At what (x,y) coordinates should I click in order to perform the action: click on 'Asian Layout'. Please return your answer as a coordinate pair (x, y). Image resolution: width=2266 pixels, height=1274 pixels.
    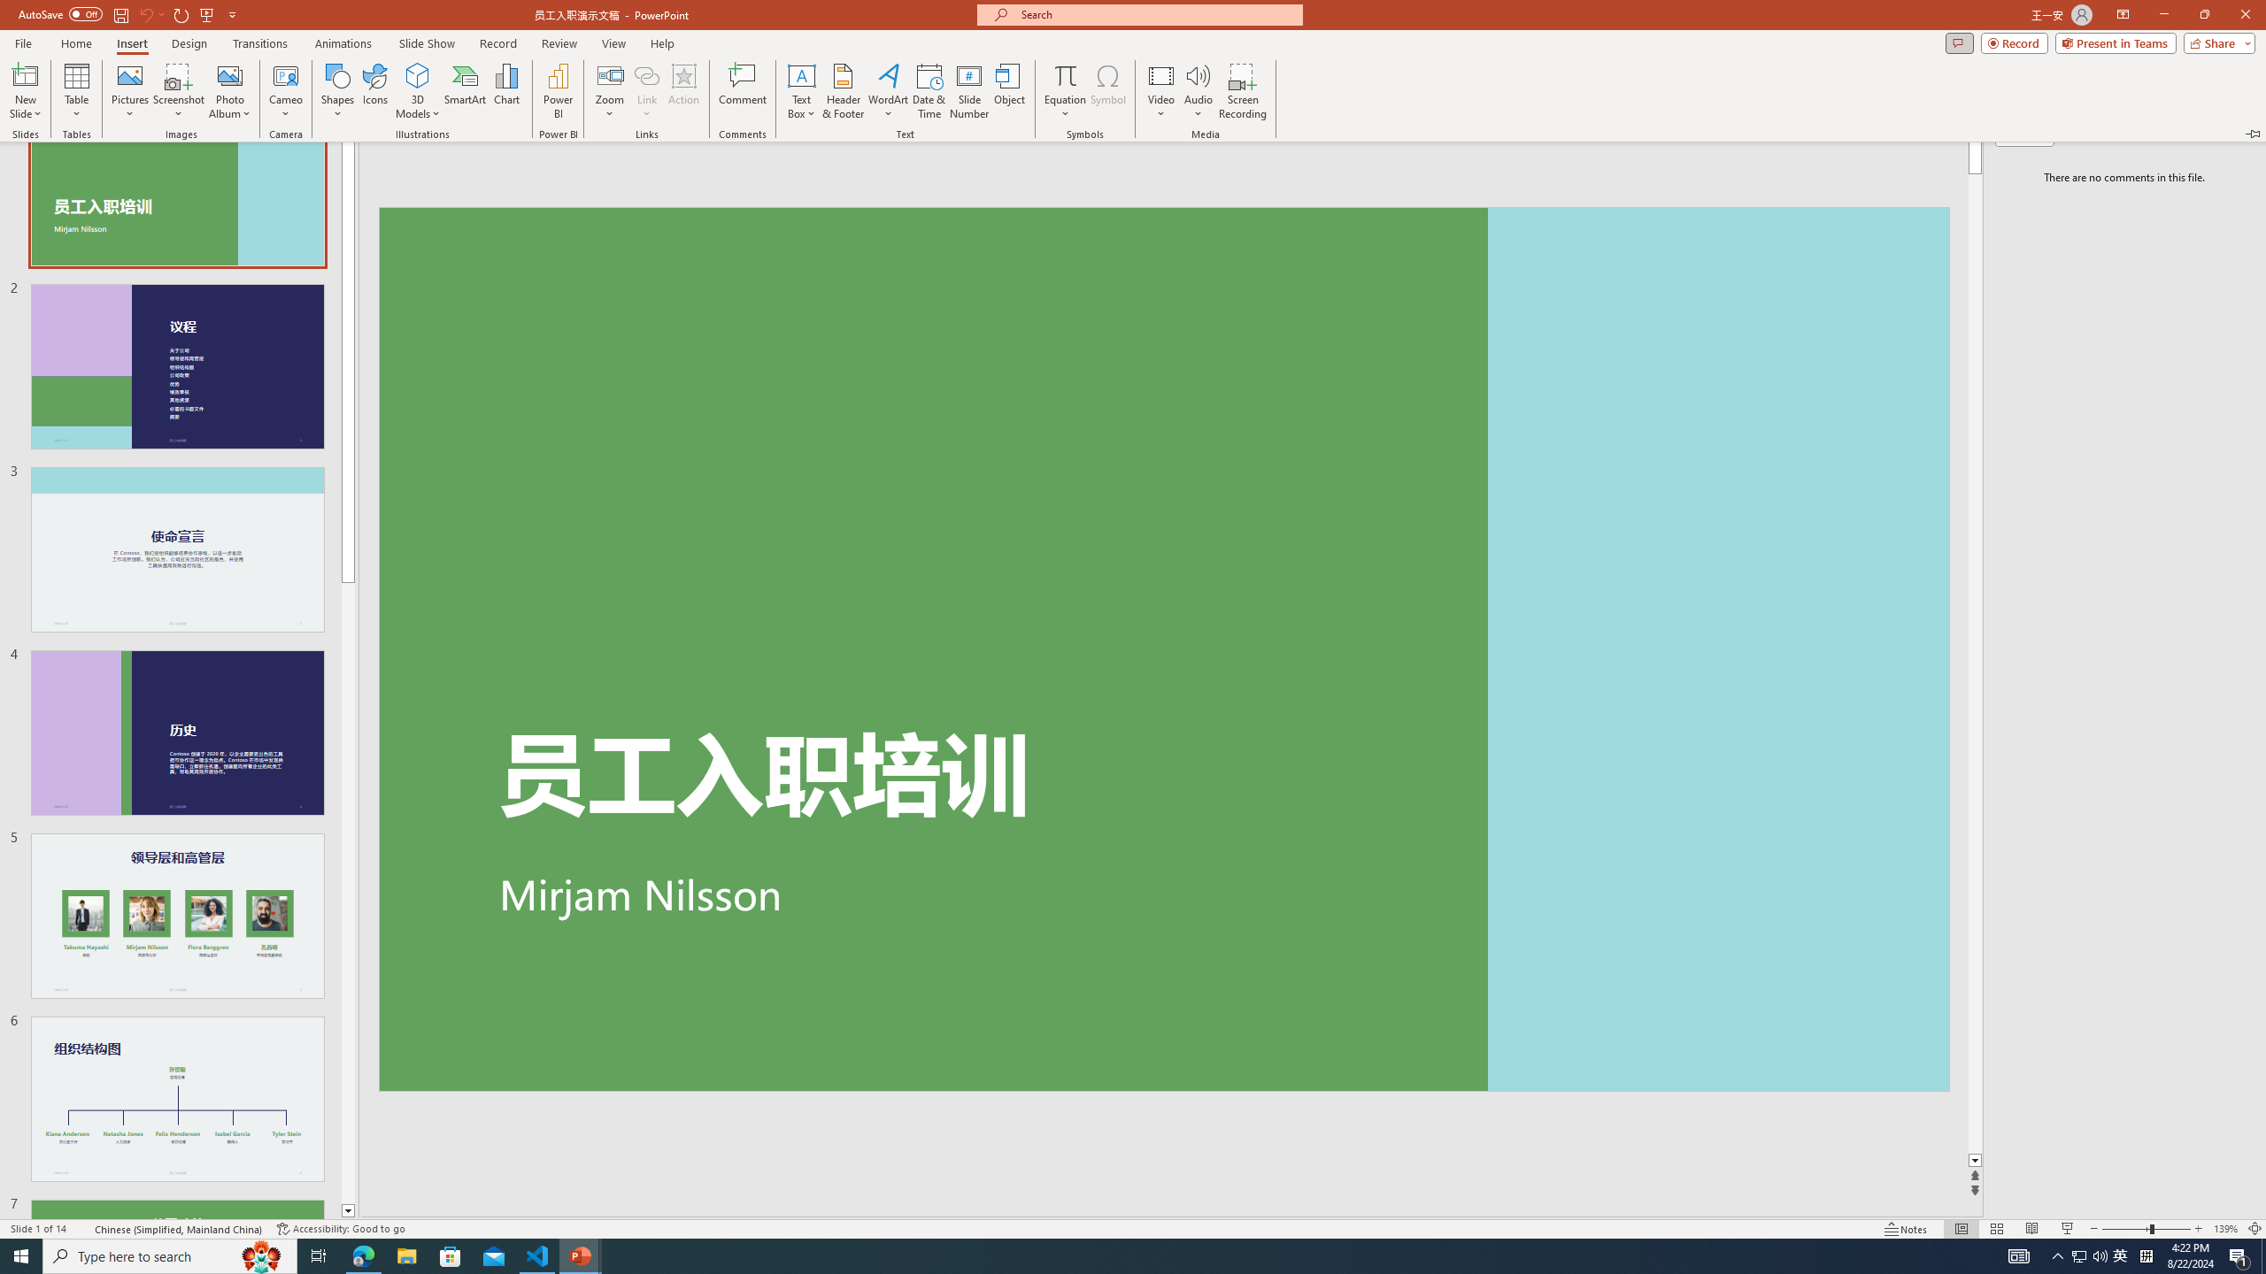
    Looking at the image, I should click on (883, 121).